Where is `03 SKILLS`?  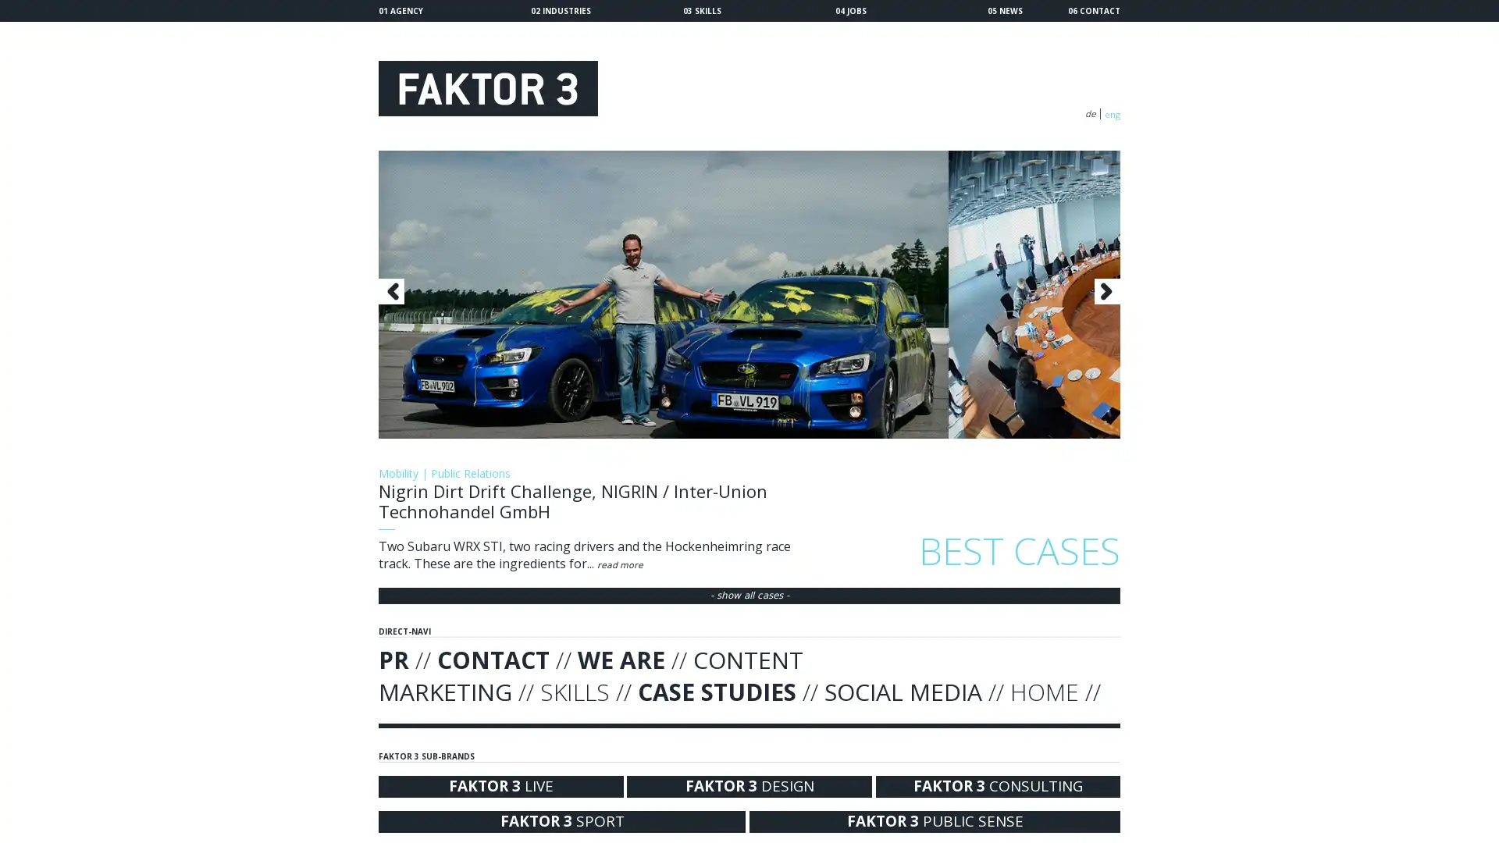 03 SKILLS is located at coordinates (701, 11).